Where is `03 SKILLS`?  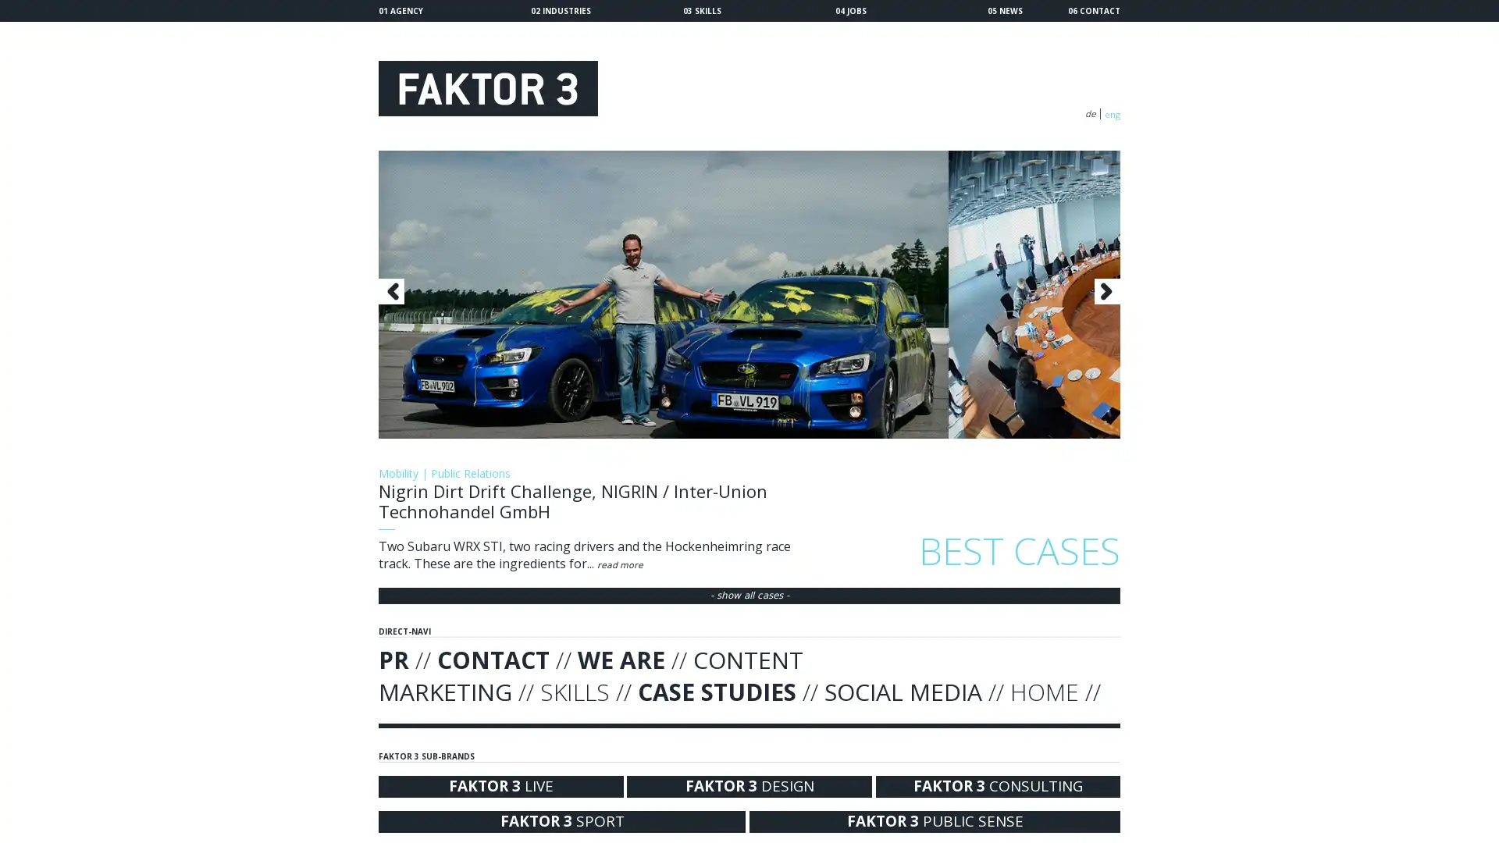 03 SKILLS is located at coordinates (701, 11).